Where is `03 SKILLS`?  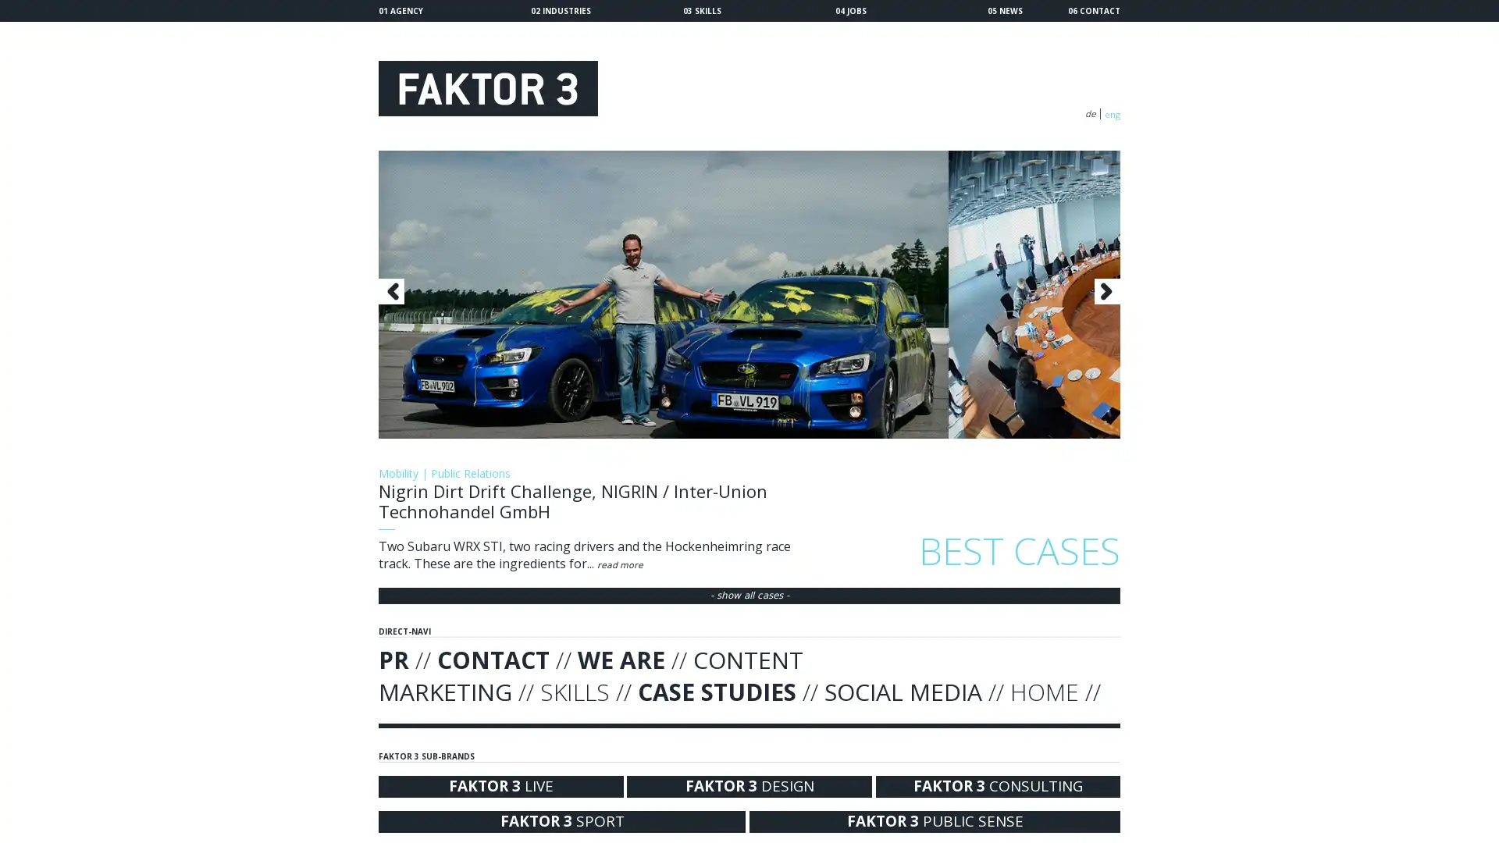 03 SKILLS is located at coordinates (701, 11).